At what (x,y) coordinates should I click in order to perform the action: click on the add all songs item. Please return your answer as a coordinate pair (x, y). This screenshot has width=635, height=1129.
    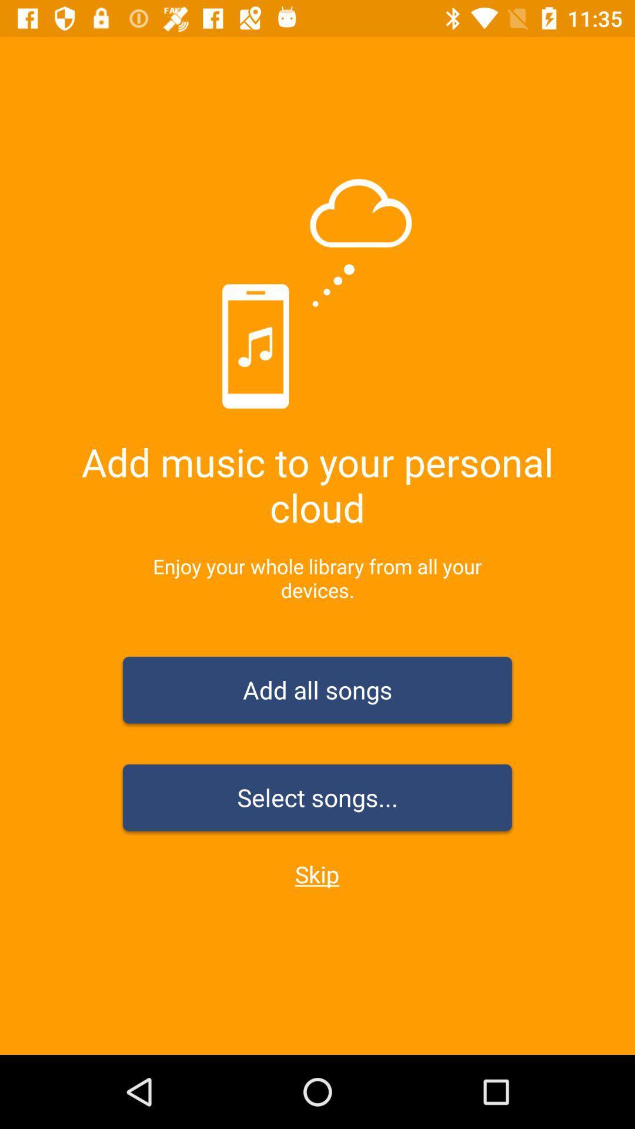
    Looking at the image, I should click on (317, 692).